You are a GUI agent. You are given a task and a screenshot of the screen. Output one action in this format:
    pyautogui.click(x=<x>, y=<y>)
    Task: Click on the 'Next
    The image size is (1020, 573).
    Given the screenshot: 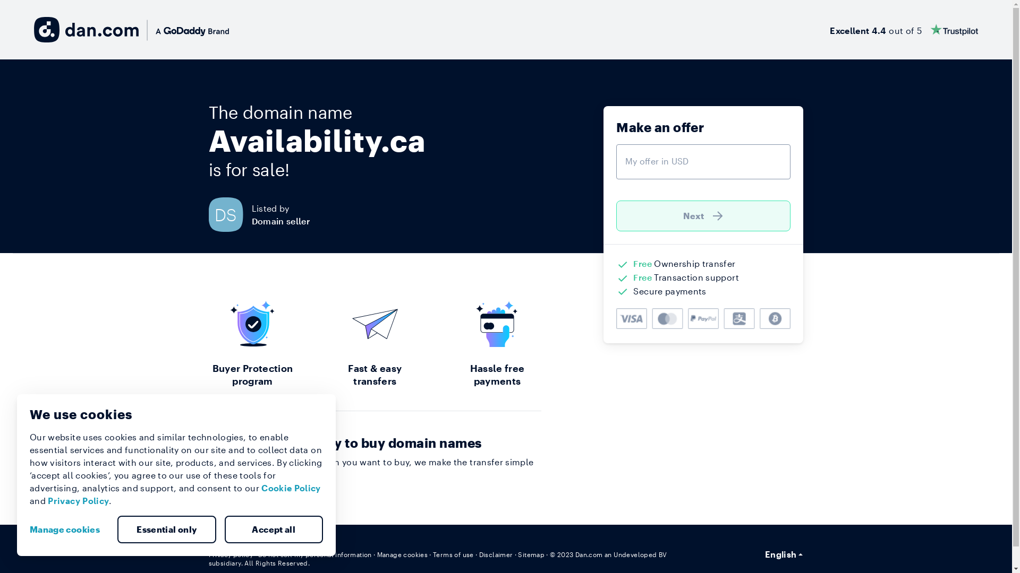 What is the action you would take?
    pyautogui.click(x=703, y=215)
    